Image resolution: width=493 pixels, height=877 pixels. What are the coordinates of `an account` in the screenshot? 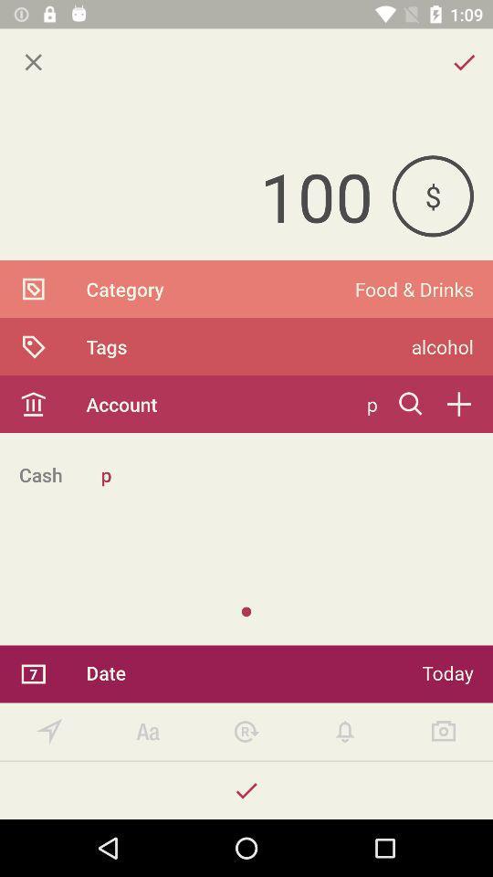 It's located at (457, 404).